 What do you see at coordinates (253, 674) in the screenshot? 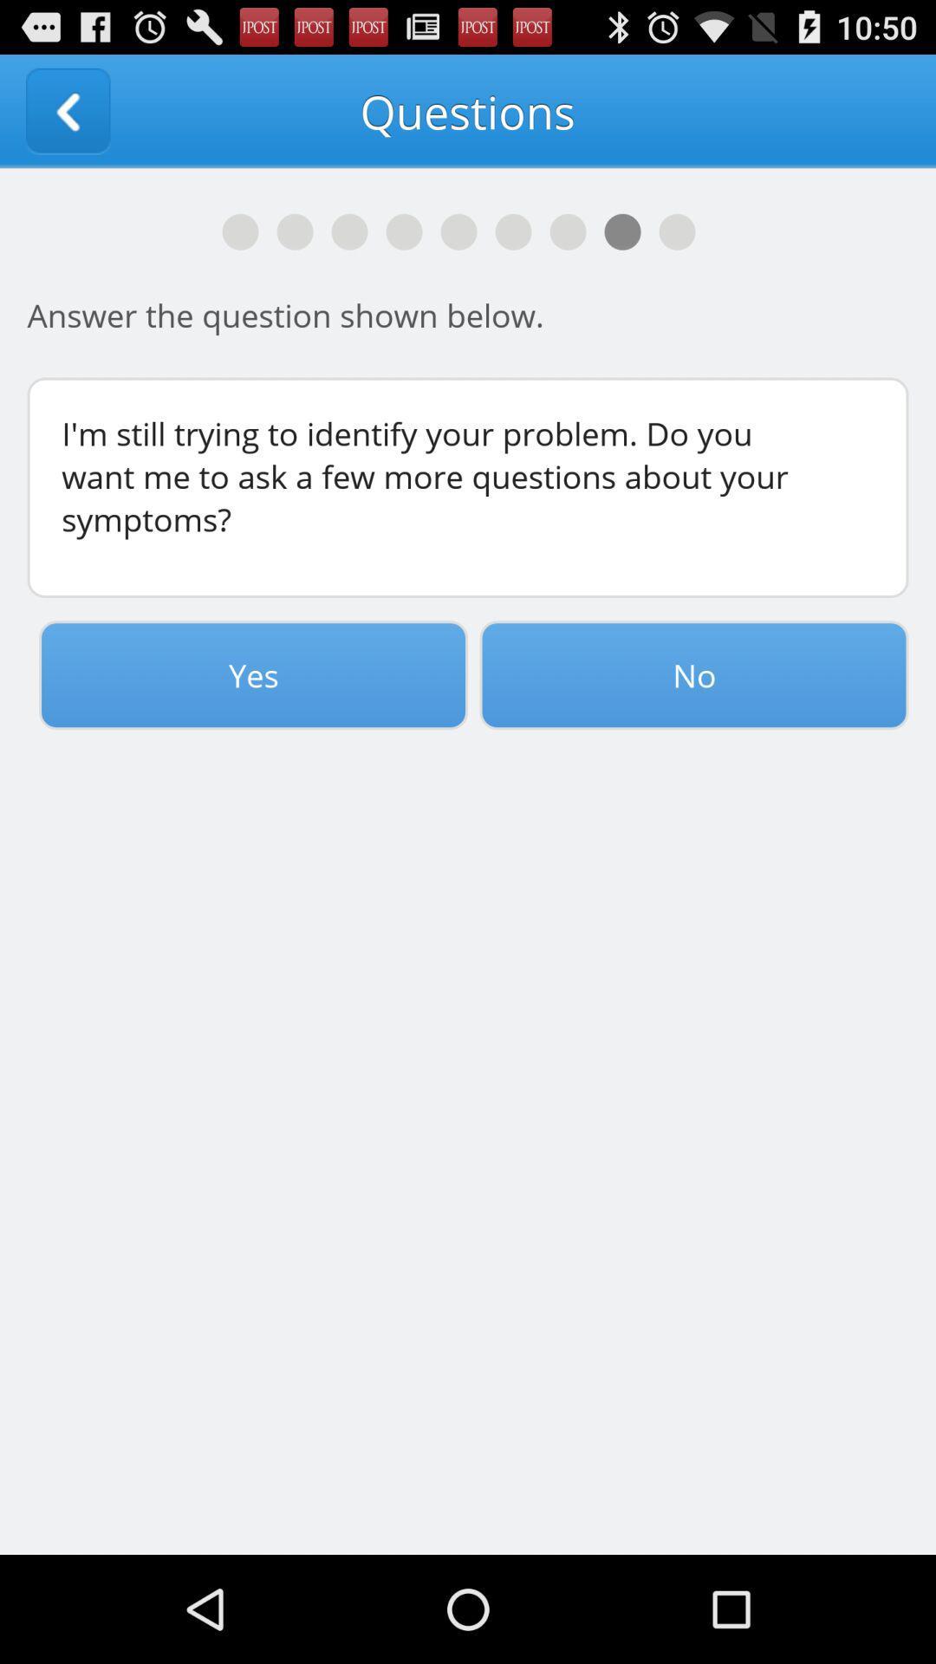
I see `the button on the left` at bounding box center [253, 674].